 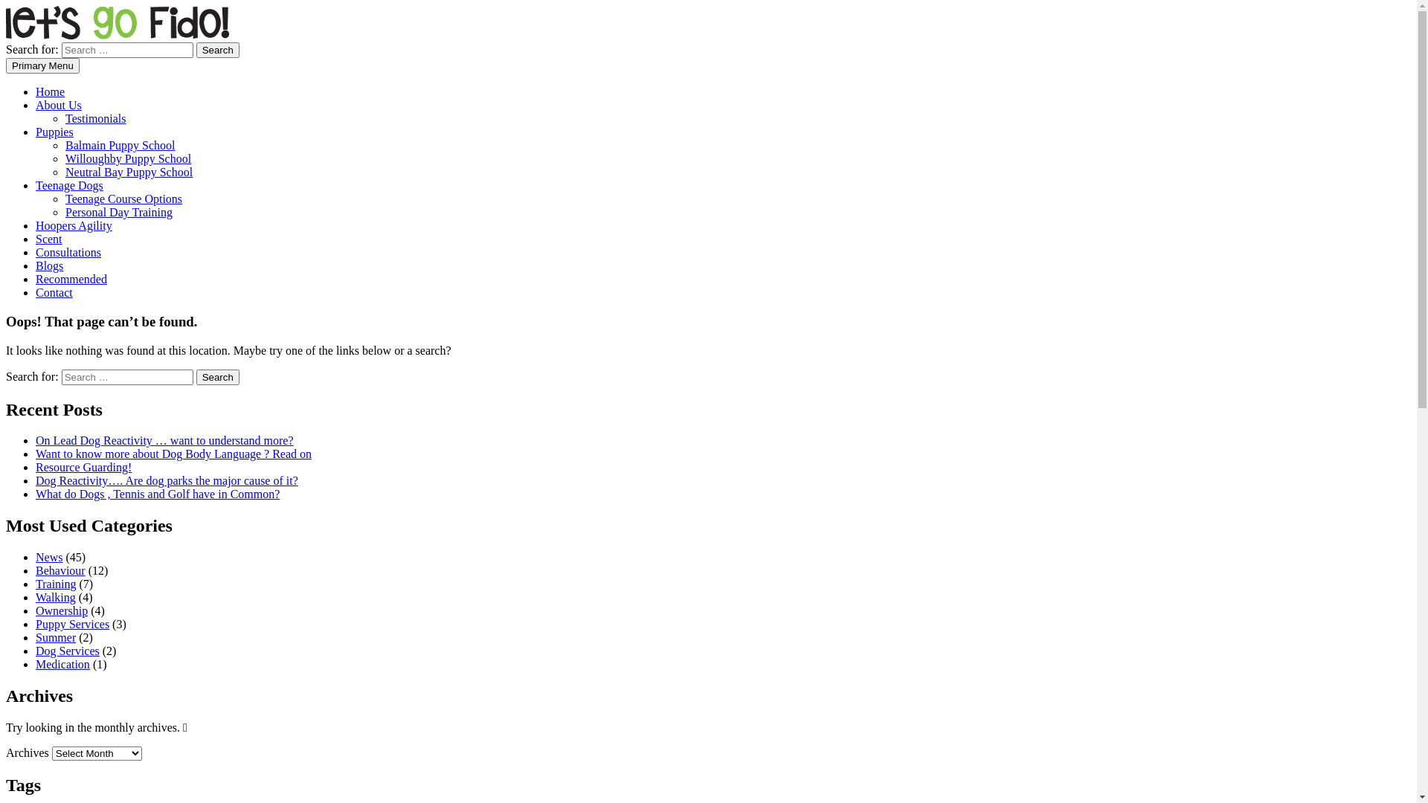 What do you see at coordinates (36, 596) in the screenshot?
I see `'Walking'` at bounding box center [36, 596].